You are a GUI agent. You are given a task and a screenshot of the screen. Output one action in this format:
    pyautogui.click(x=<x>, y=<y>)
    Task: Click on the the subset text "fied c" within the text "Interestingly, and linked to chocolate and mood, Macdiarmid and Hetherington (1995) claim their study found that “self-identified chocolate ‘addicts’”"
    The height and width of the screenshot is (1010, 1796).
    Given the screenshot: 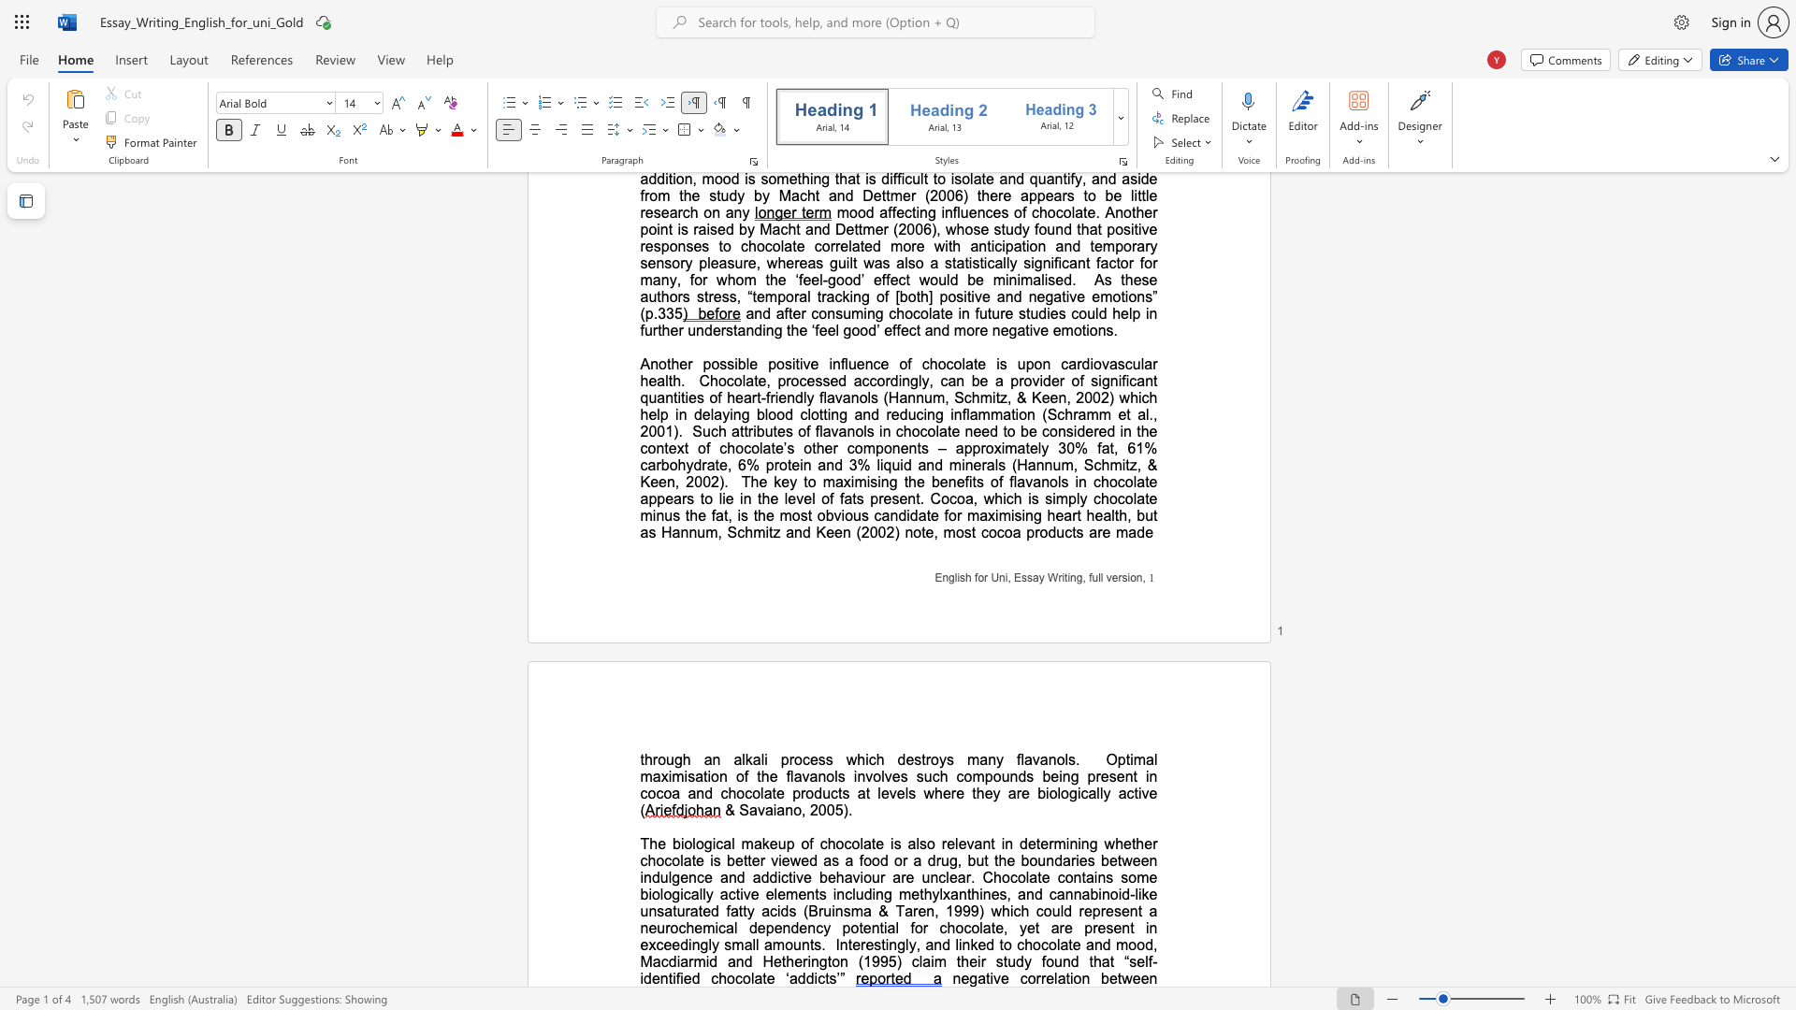 What is the action you would take?
    pyautogui.click(x=674, y=977)
    